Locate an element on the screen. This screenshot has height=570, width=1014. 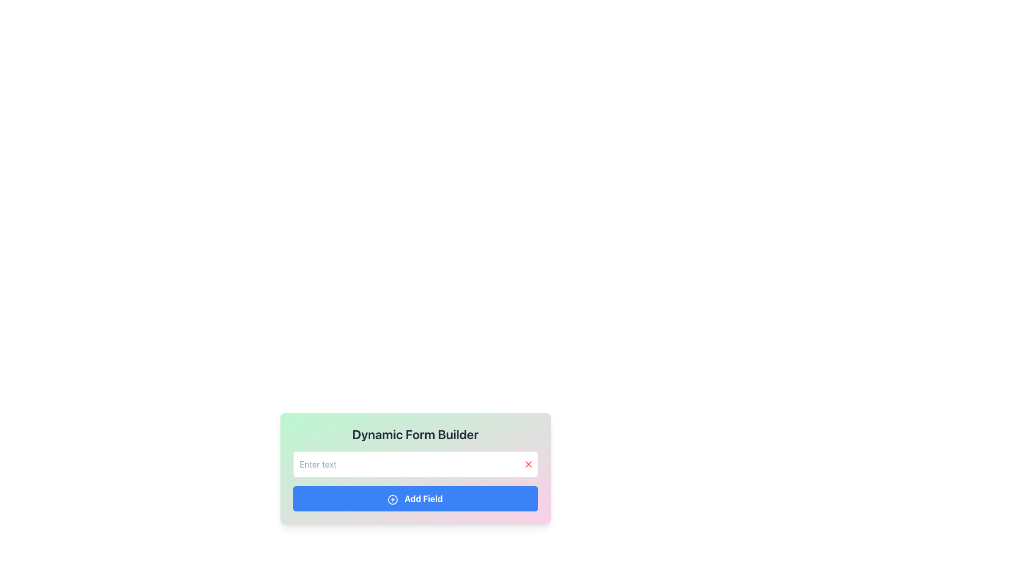
the circular outline element representing a plus sign within a circle is located at coordinates (392, 499).